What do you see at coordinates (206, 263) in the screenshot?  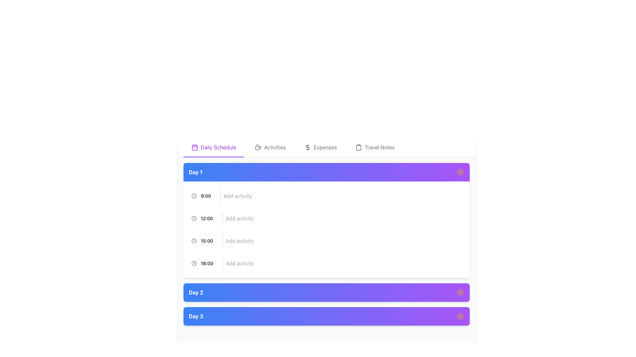 I see `the text label indicating the time of 18:00 (6:00 PM) in the fourth list item of the Day 1 schedule, which is positioned next to the clock icon` at bounding box center [206, 263].